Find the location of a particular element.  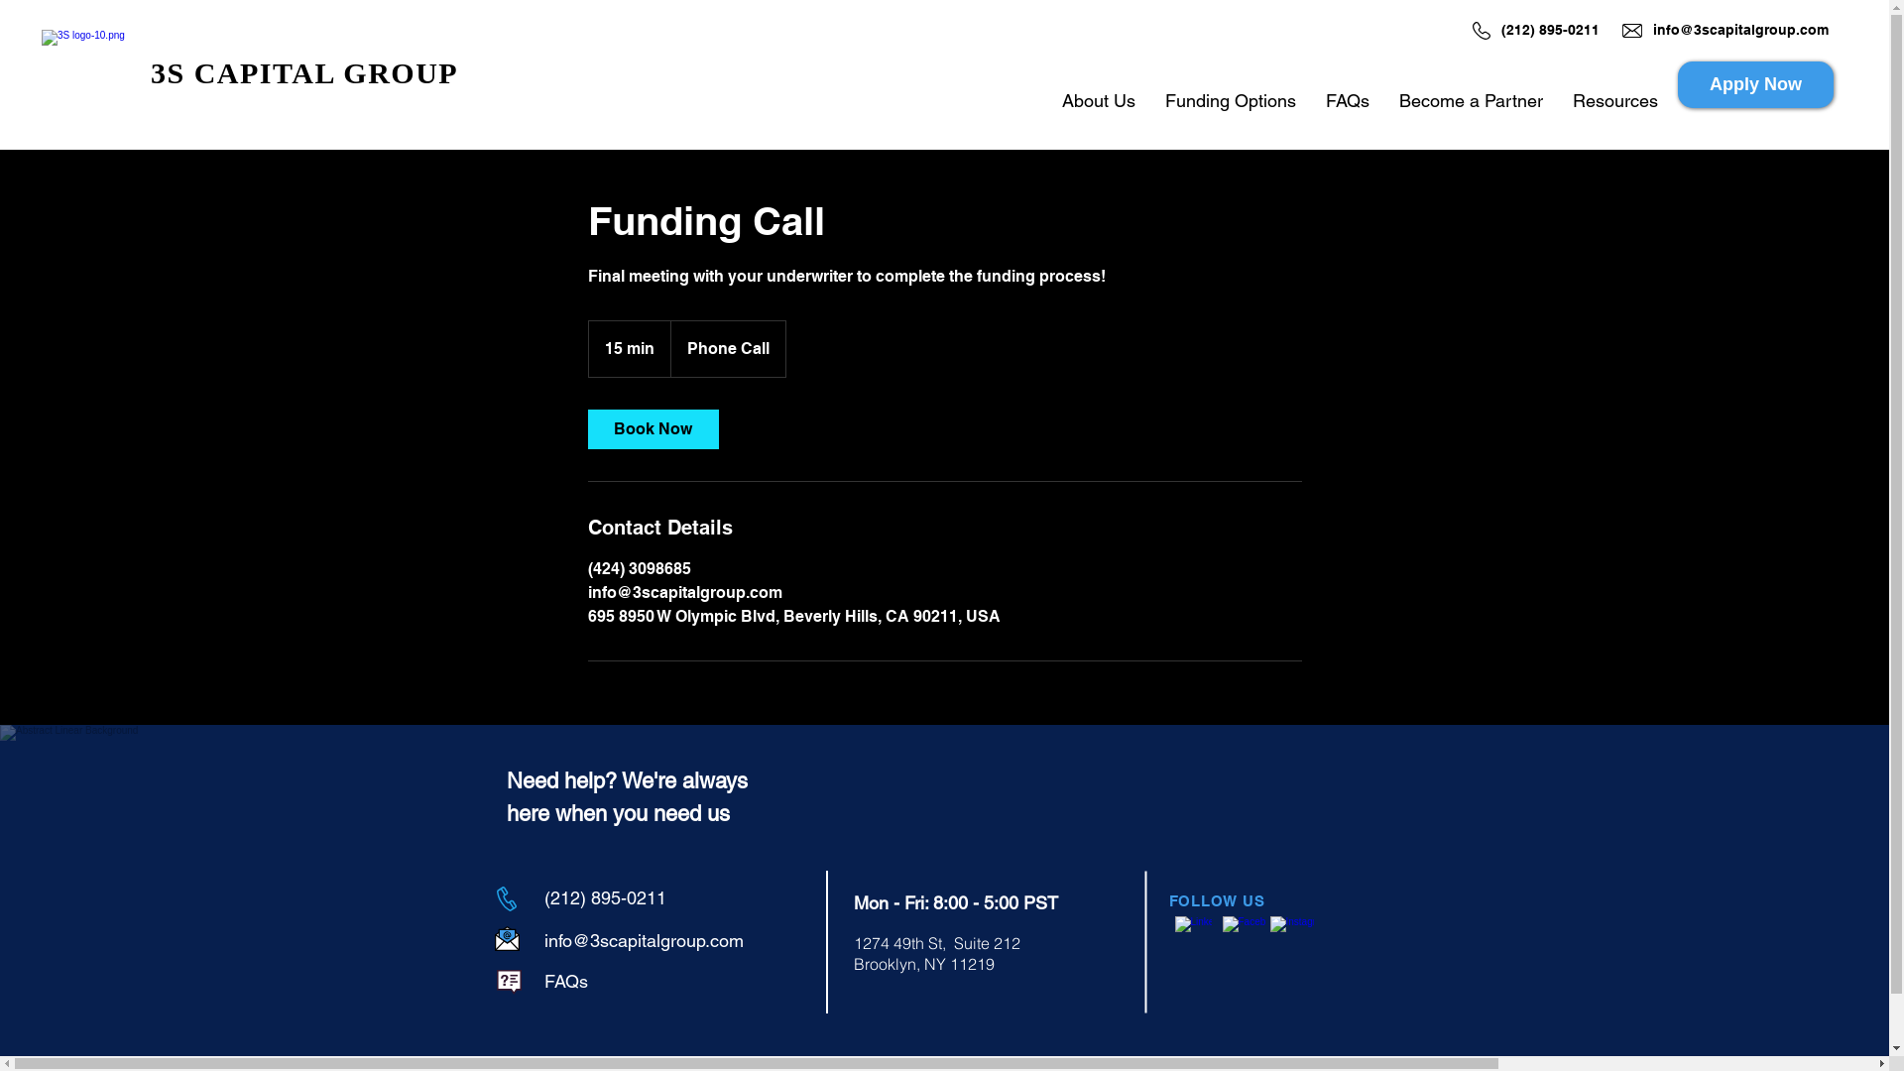

'FAQs' is located at coordinates (1347, 100).